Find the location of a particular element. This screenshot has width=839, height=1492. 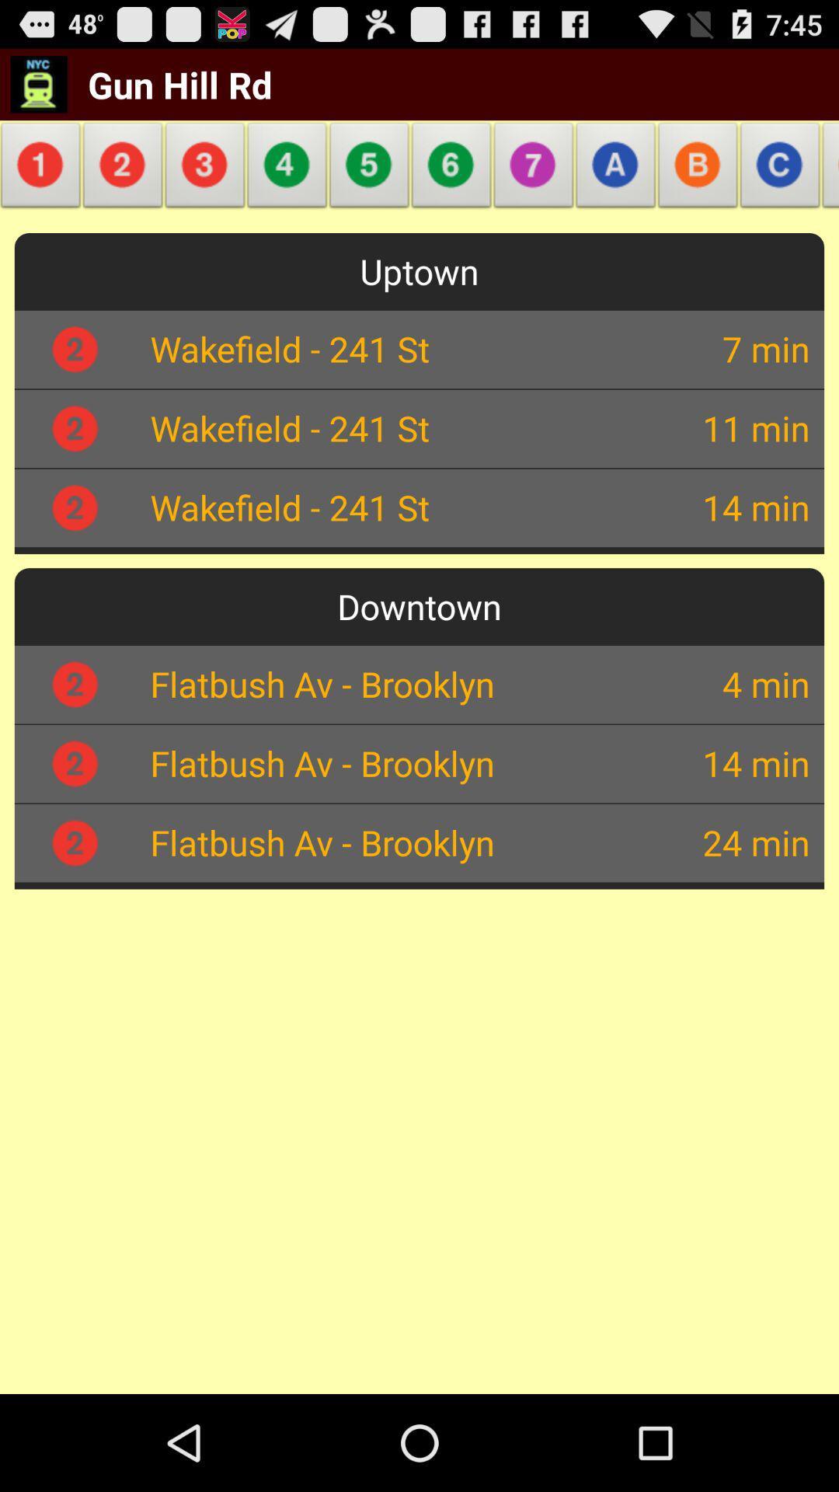

item above uptown is located at coordinates (780, 169).